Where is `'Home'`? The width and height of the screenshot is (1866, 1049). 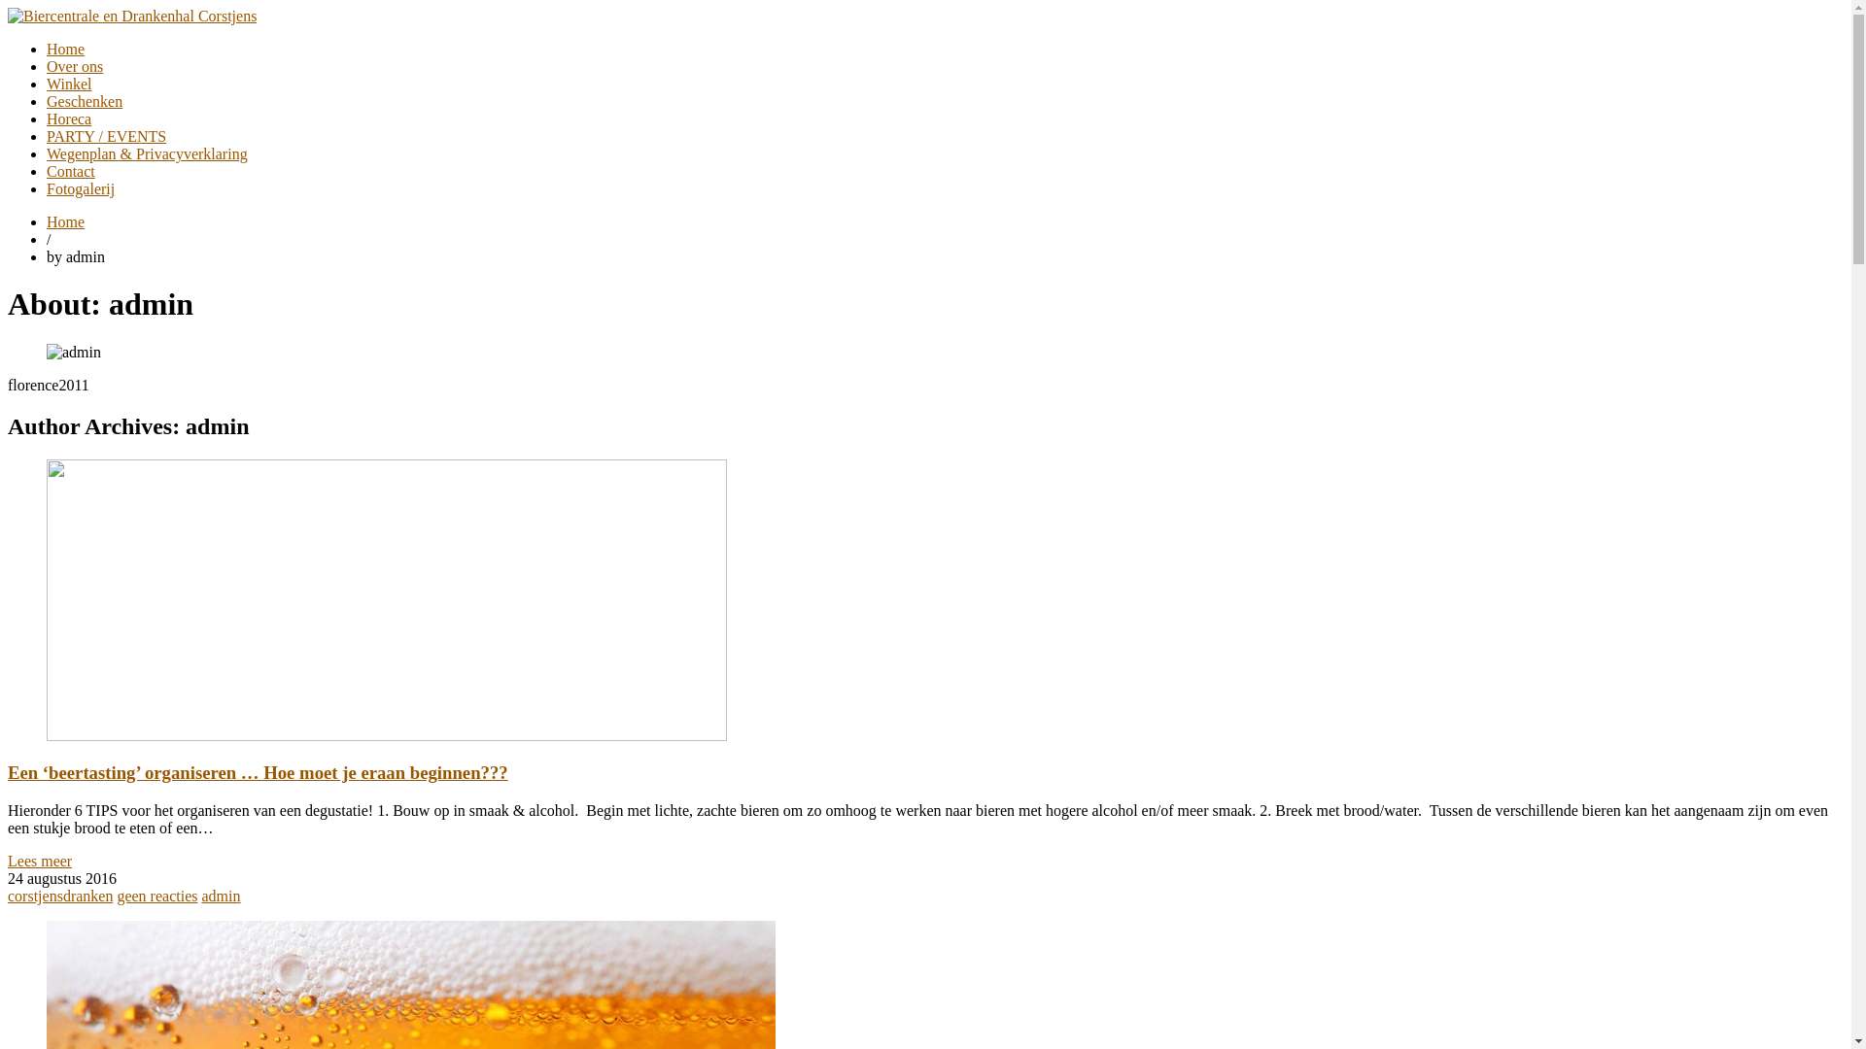
'Home' is located at coordinates (65, 220).